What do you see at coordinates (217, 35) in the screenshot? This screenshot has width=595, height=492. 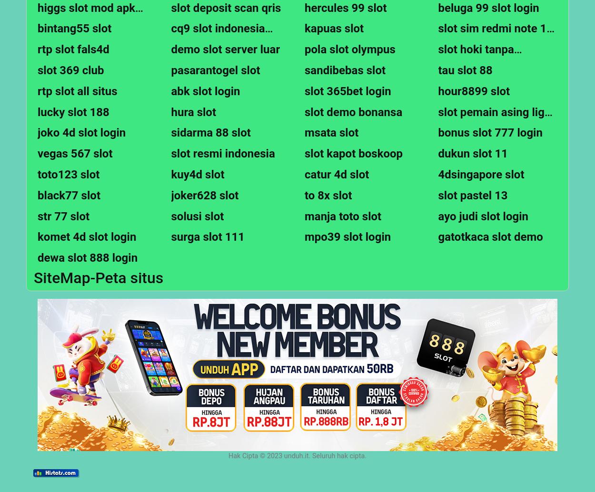 I see `'cq9 slot indonesia demo'` at bounding box center [217, 35].